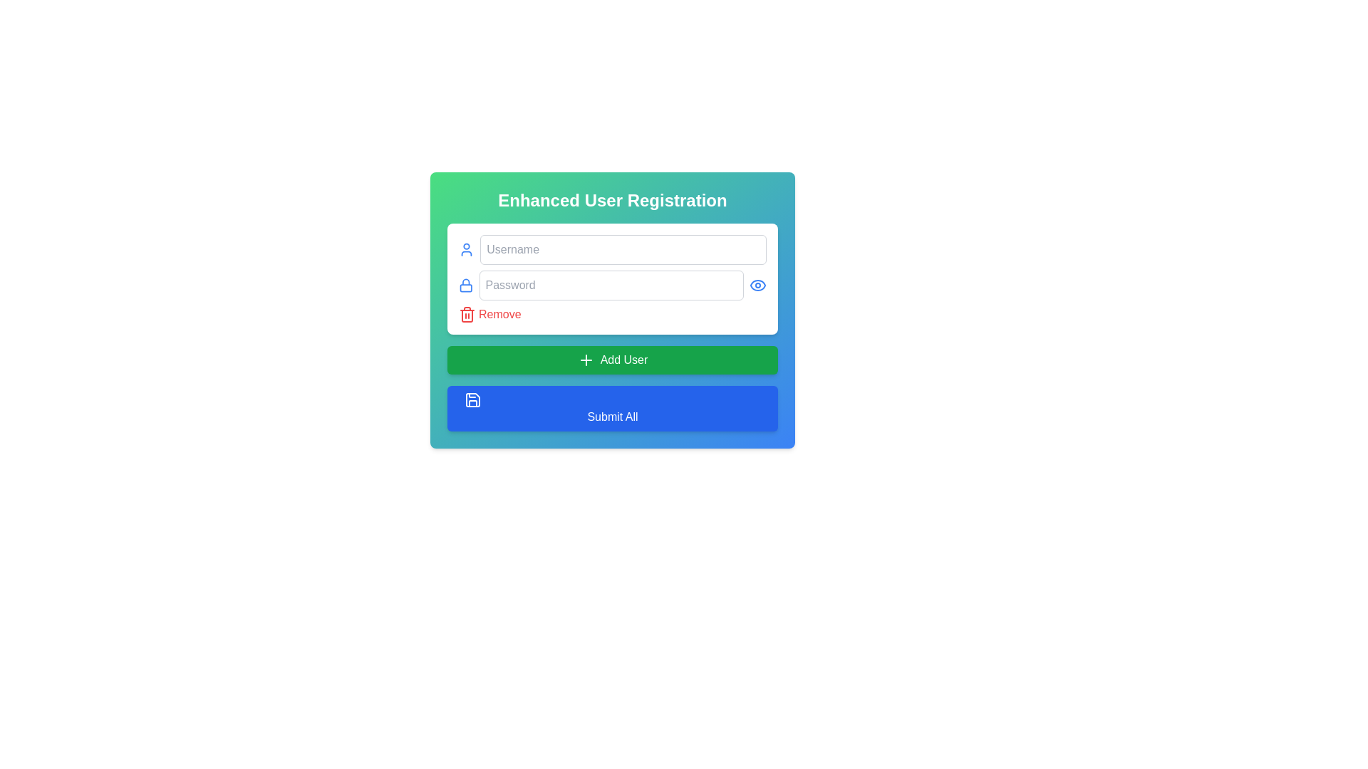 Image resolution: width=1368 pixels, height=769 pixels. I want to click on the submission button located at the bottom of the form, below the 'Add User' green button, so click(612, 409).